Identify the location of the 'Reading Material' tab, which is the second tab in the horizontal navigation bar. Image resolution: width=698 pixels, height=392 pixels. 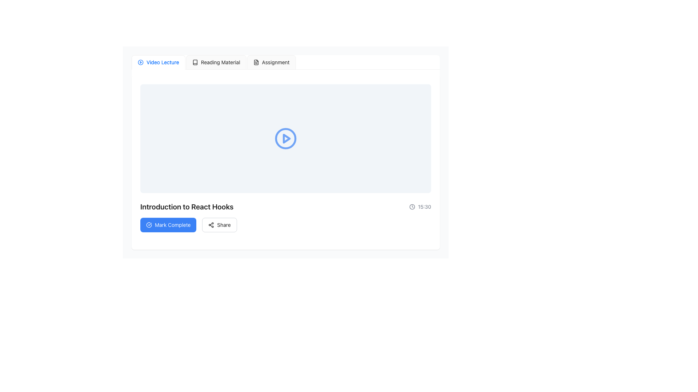
(213, 62).